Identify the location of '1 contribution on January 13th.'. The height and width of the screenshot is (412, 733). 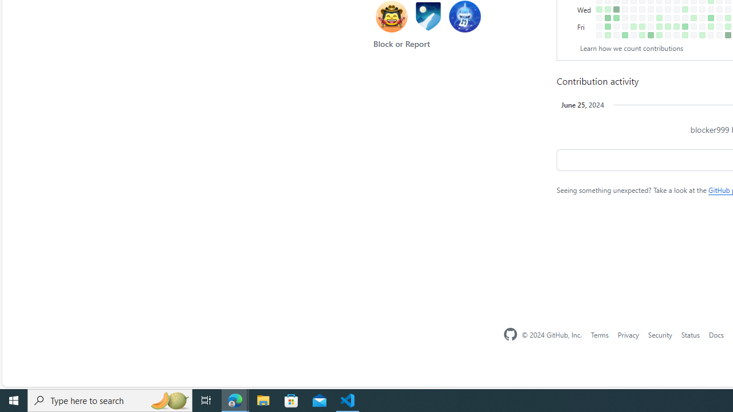
(607, 34).